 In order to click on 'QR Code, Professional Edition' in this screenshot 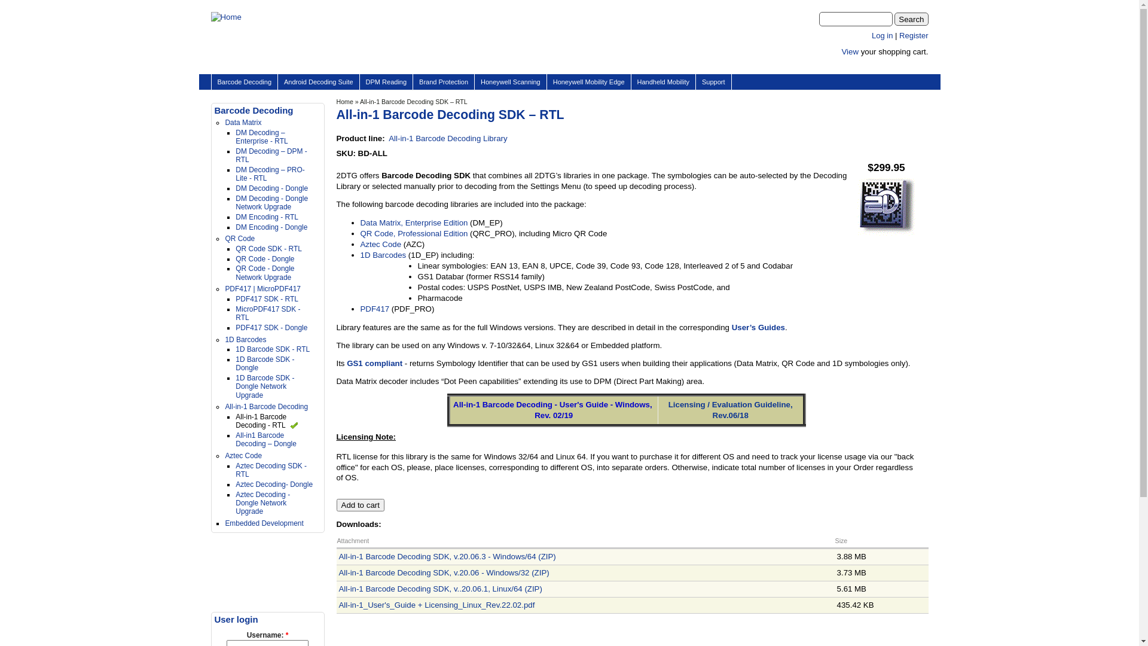, I will do `click(413, 233)`.